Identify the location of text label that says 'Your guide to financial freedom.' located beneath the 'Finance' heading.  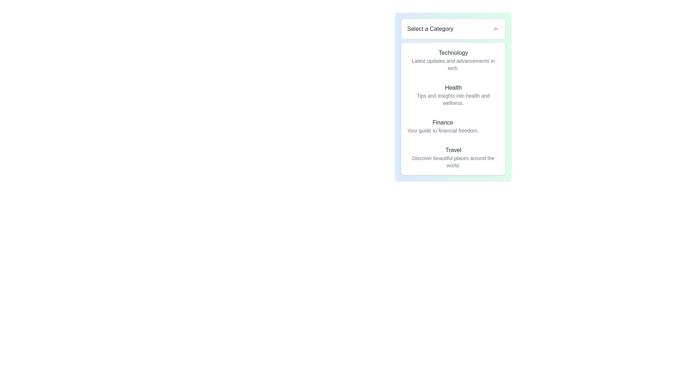
(442, 130).